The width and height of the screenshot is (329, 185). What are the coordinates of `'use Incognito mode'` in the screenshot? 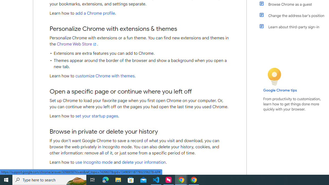 It's located at (94, 162).